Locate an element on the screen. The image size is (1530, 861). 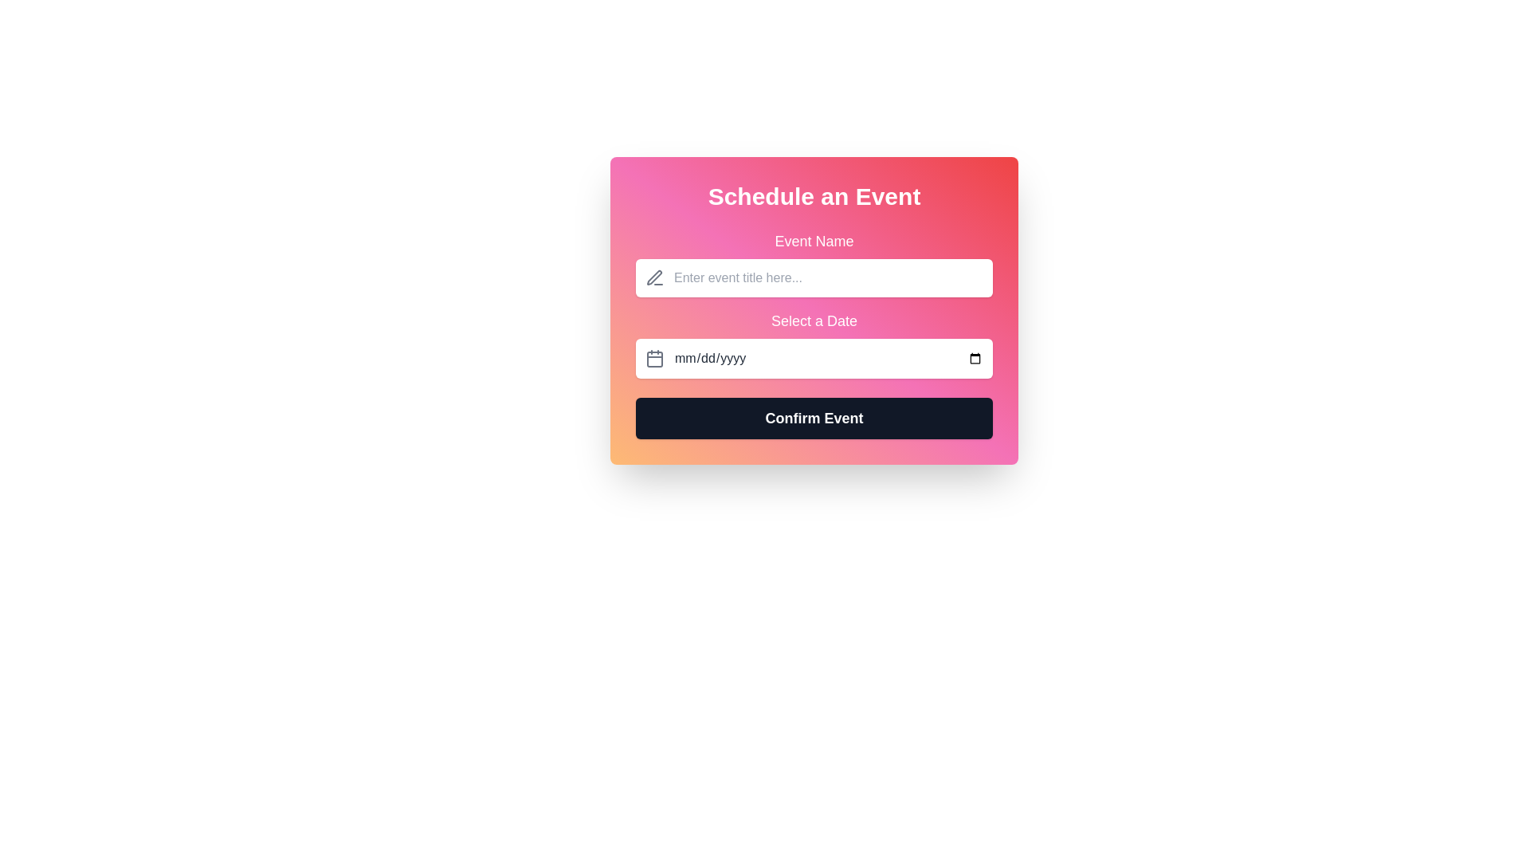
the Date input field located below the 'Select a Date' label, allowing users to type a date is located at coordinates (814, 359).